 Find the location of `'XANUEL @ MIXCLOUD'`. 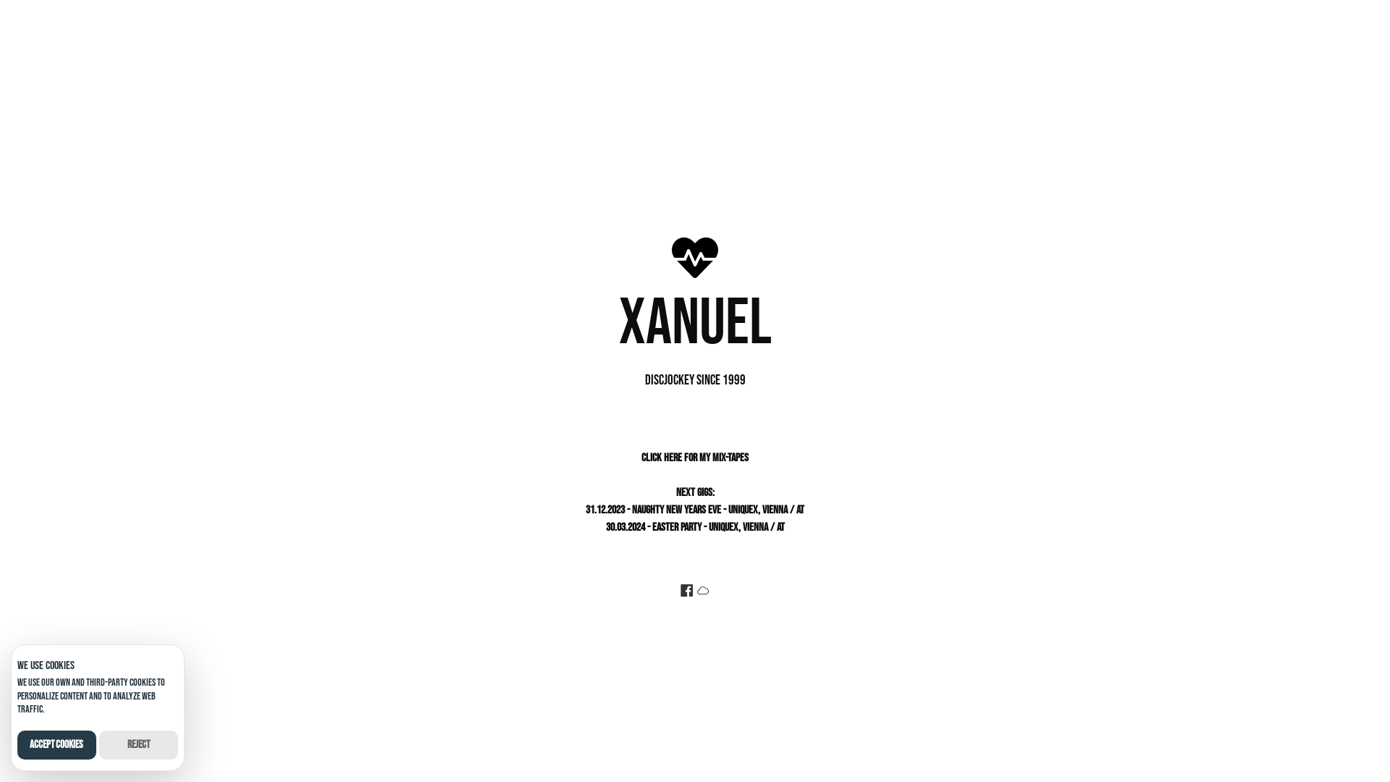

'XANUEL @ MIXCLOUD' is located at coordinates (702, 592).